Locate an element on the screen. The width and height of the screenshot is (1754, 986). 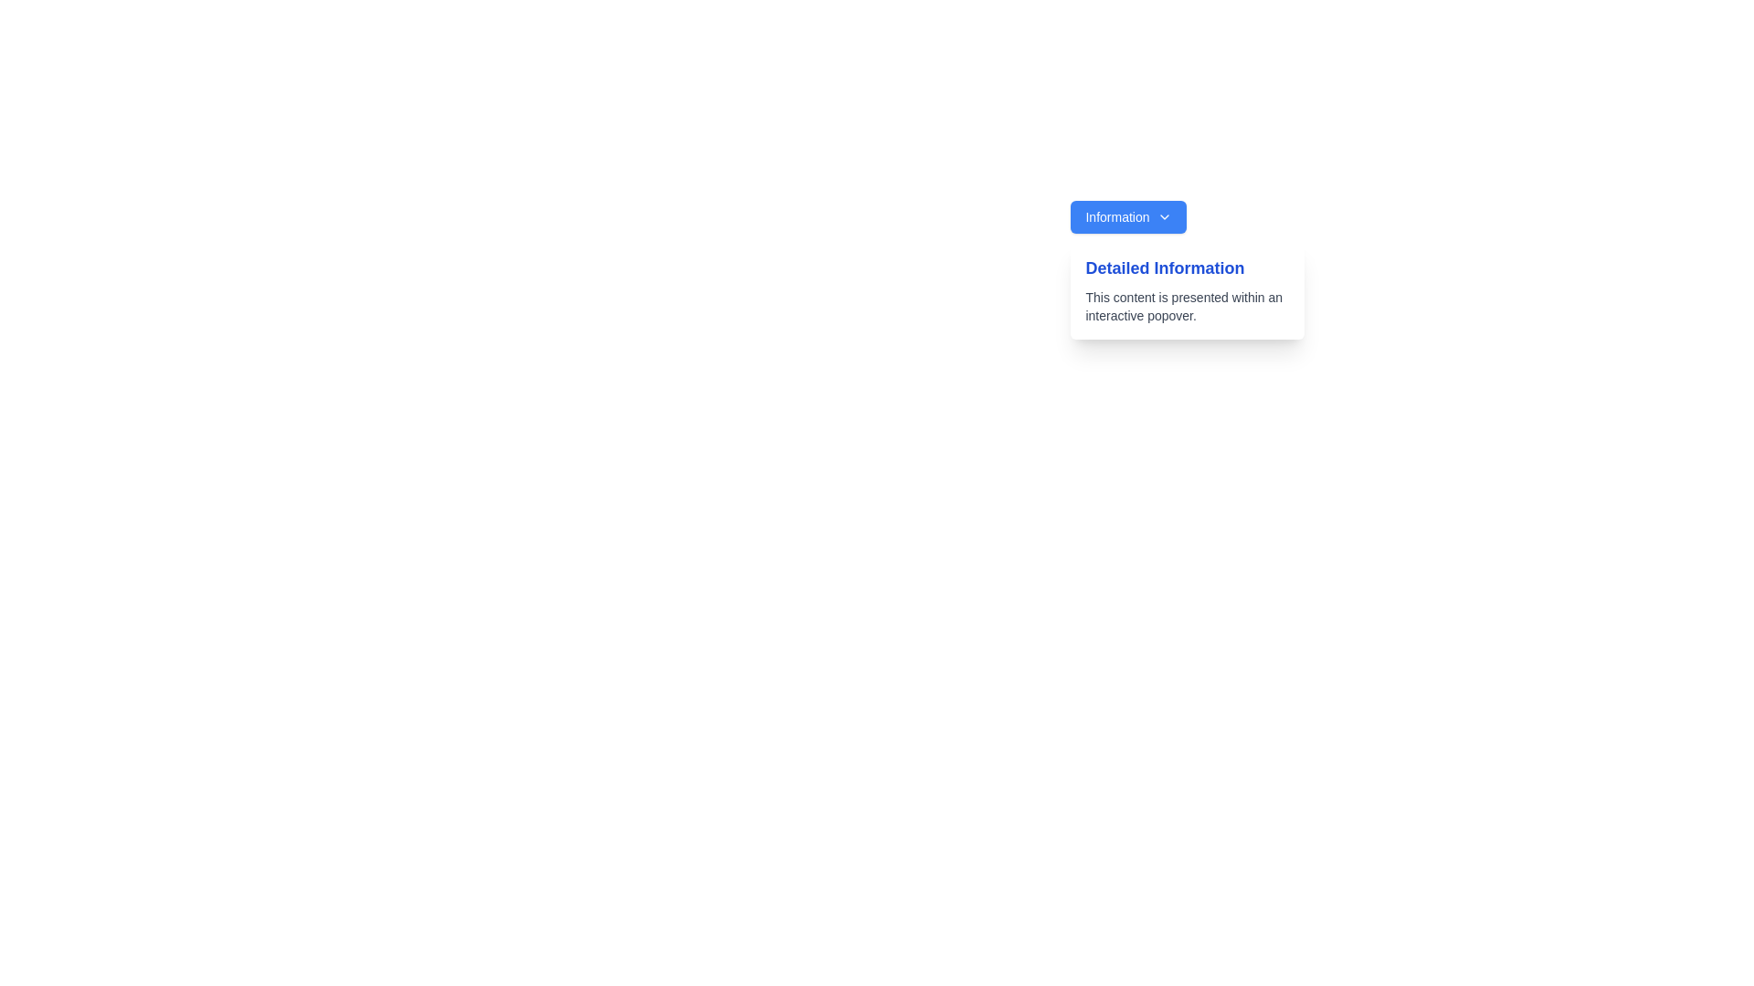
the small, downward-pointing chevron arrow icon located at the right end of the 'Information' button, which has a blue background and white text is located at coordinates (1163, 216).